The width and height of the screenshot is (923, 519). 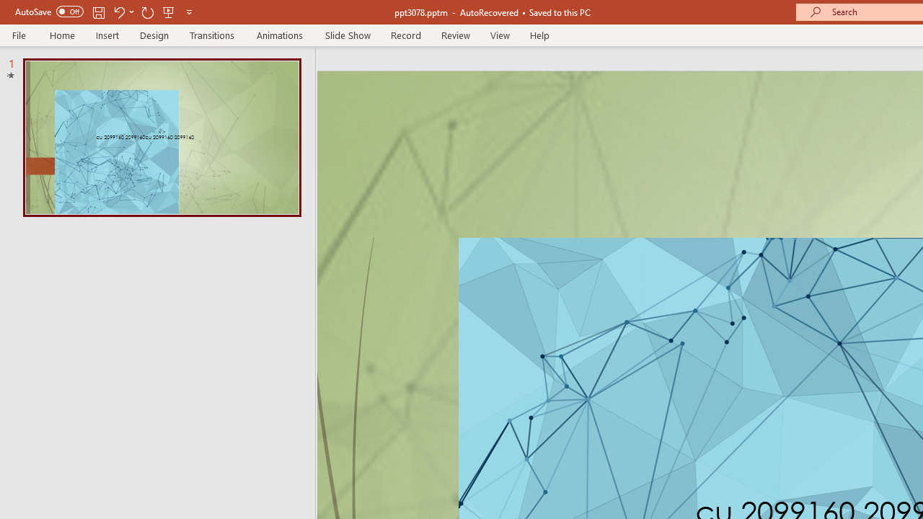 I want to click on 'Slide Show', so click(x=347, y=35).